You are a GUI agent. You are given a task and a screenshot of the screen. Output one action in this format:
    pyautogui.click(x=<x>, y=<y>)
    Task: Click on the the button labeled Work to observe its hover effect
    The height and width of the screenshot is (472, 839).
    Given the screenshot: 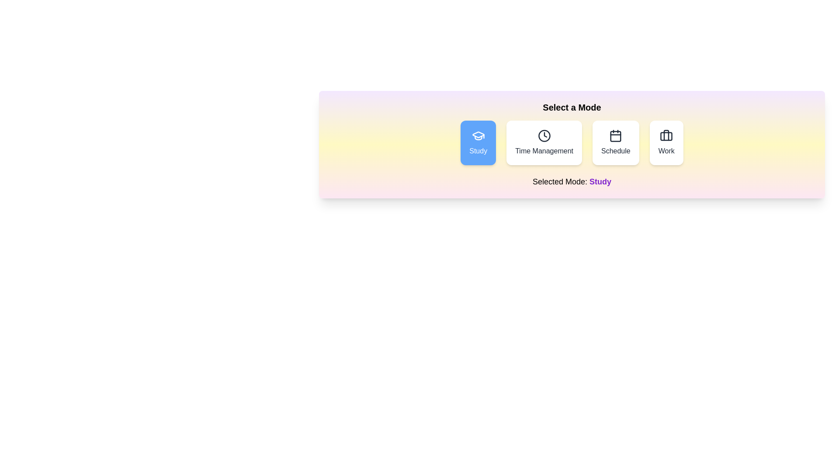 What is the action you would take?
    pyautogui.click(x=666, y=142)
    